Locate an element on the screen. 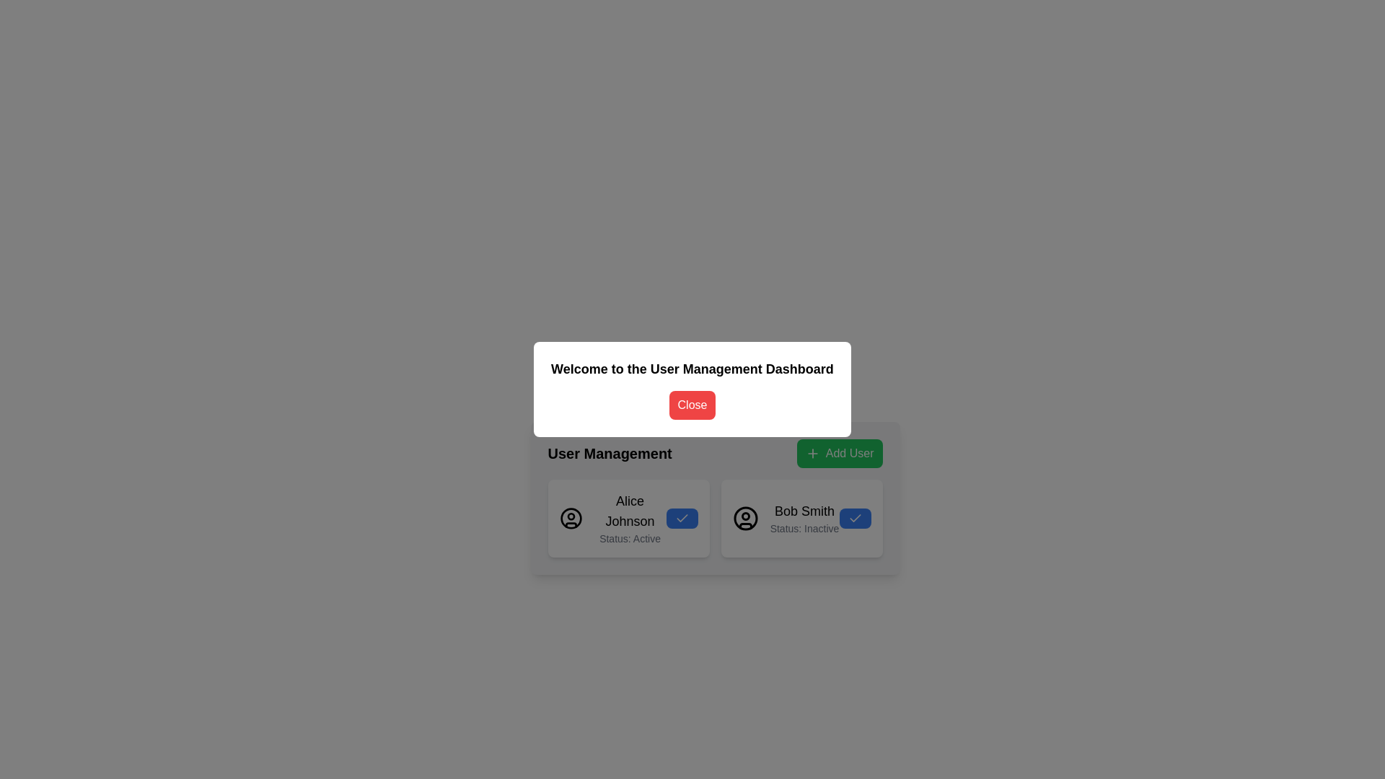 This screenshot has width=1385, height=779. the 'Add User' button located to the right of the 'User Management' text is located at coordinates (840, 452).